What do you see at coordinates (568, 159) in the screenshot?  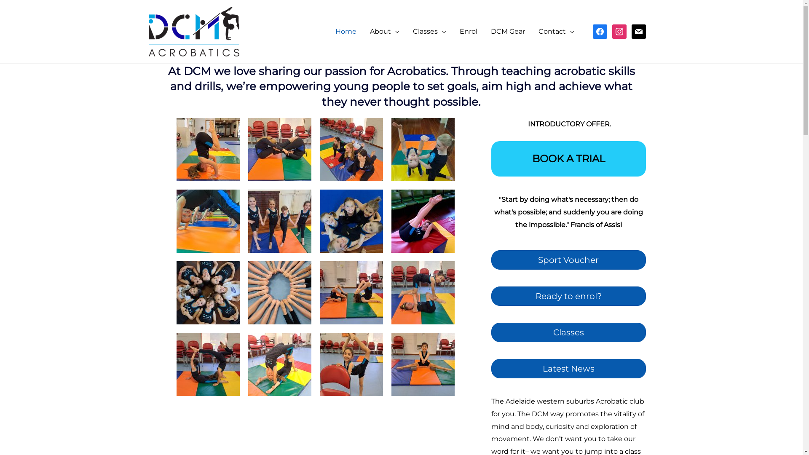 I see `'BOOK A TRIAL'` at bounding box center [568, 159].